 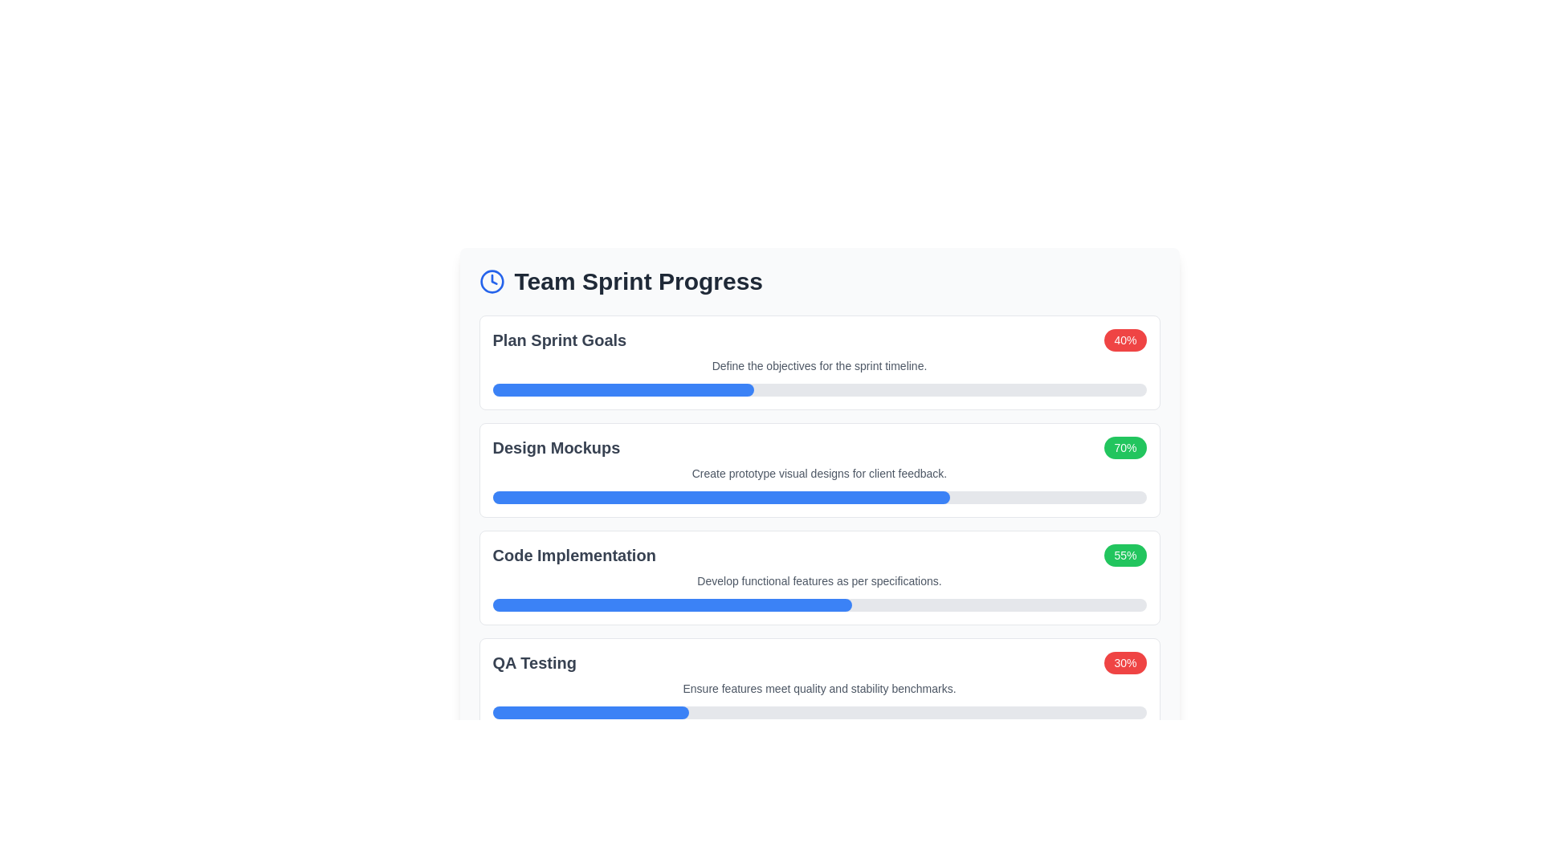 I want to click on the red rectangular badge with white text '40%' that is positioned next to 'Plan Sprint Goals' in the top-left segment of the interface, so click(x=1124, y=340).